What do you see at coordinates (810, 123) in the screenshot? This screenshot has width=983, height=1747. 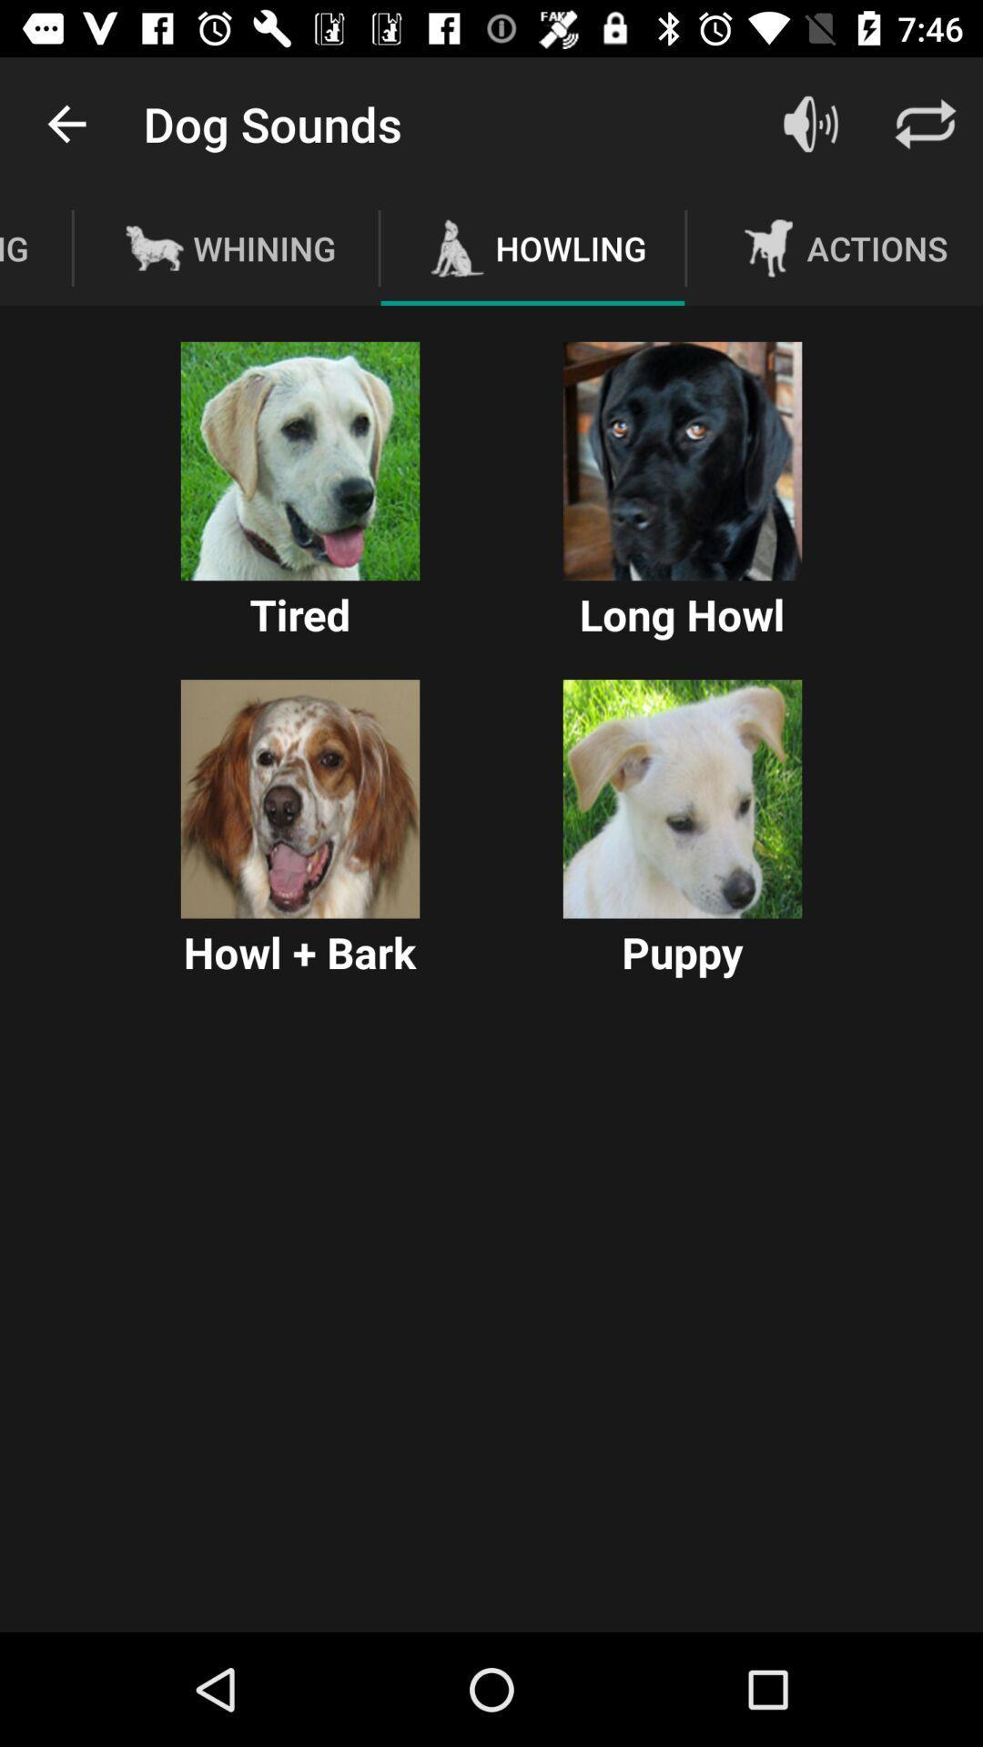 I see `the item to the right of the howling icon` at bounding box center [810, 123].